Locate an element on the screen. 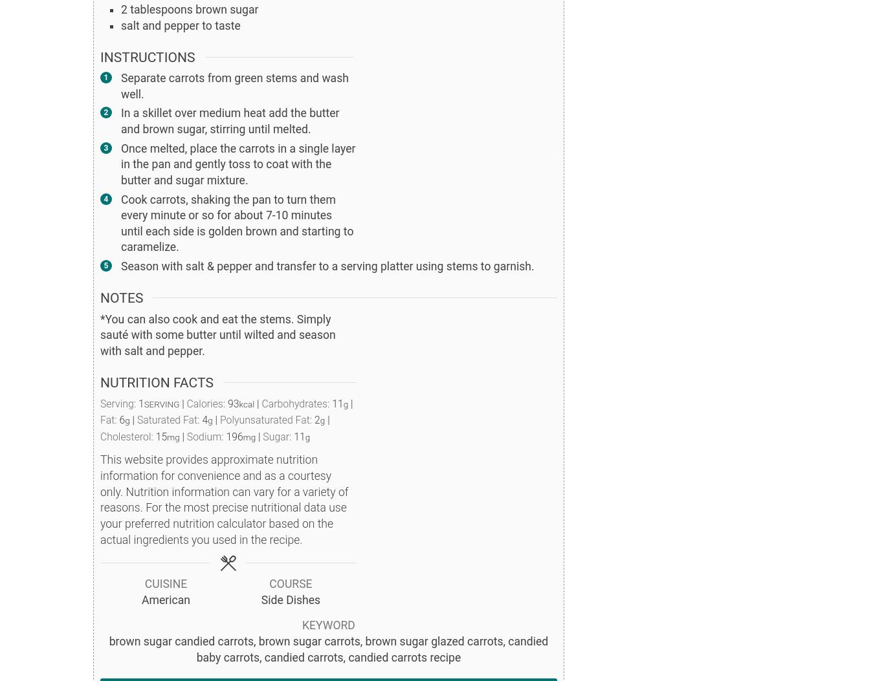 The width and height of the screenshot is (884, 681). 'Notes' is located at coordinates (120, 297).